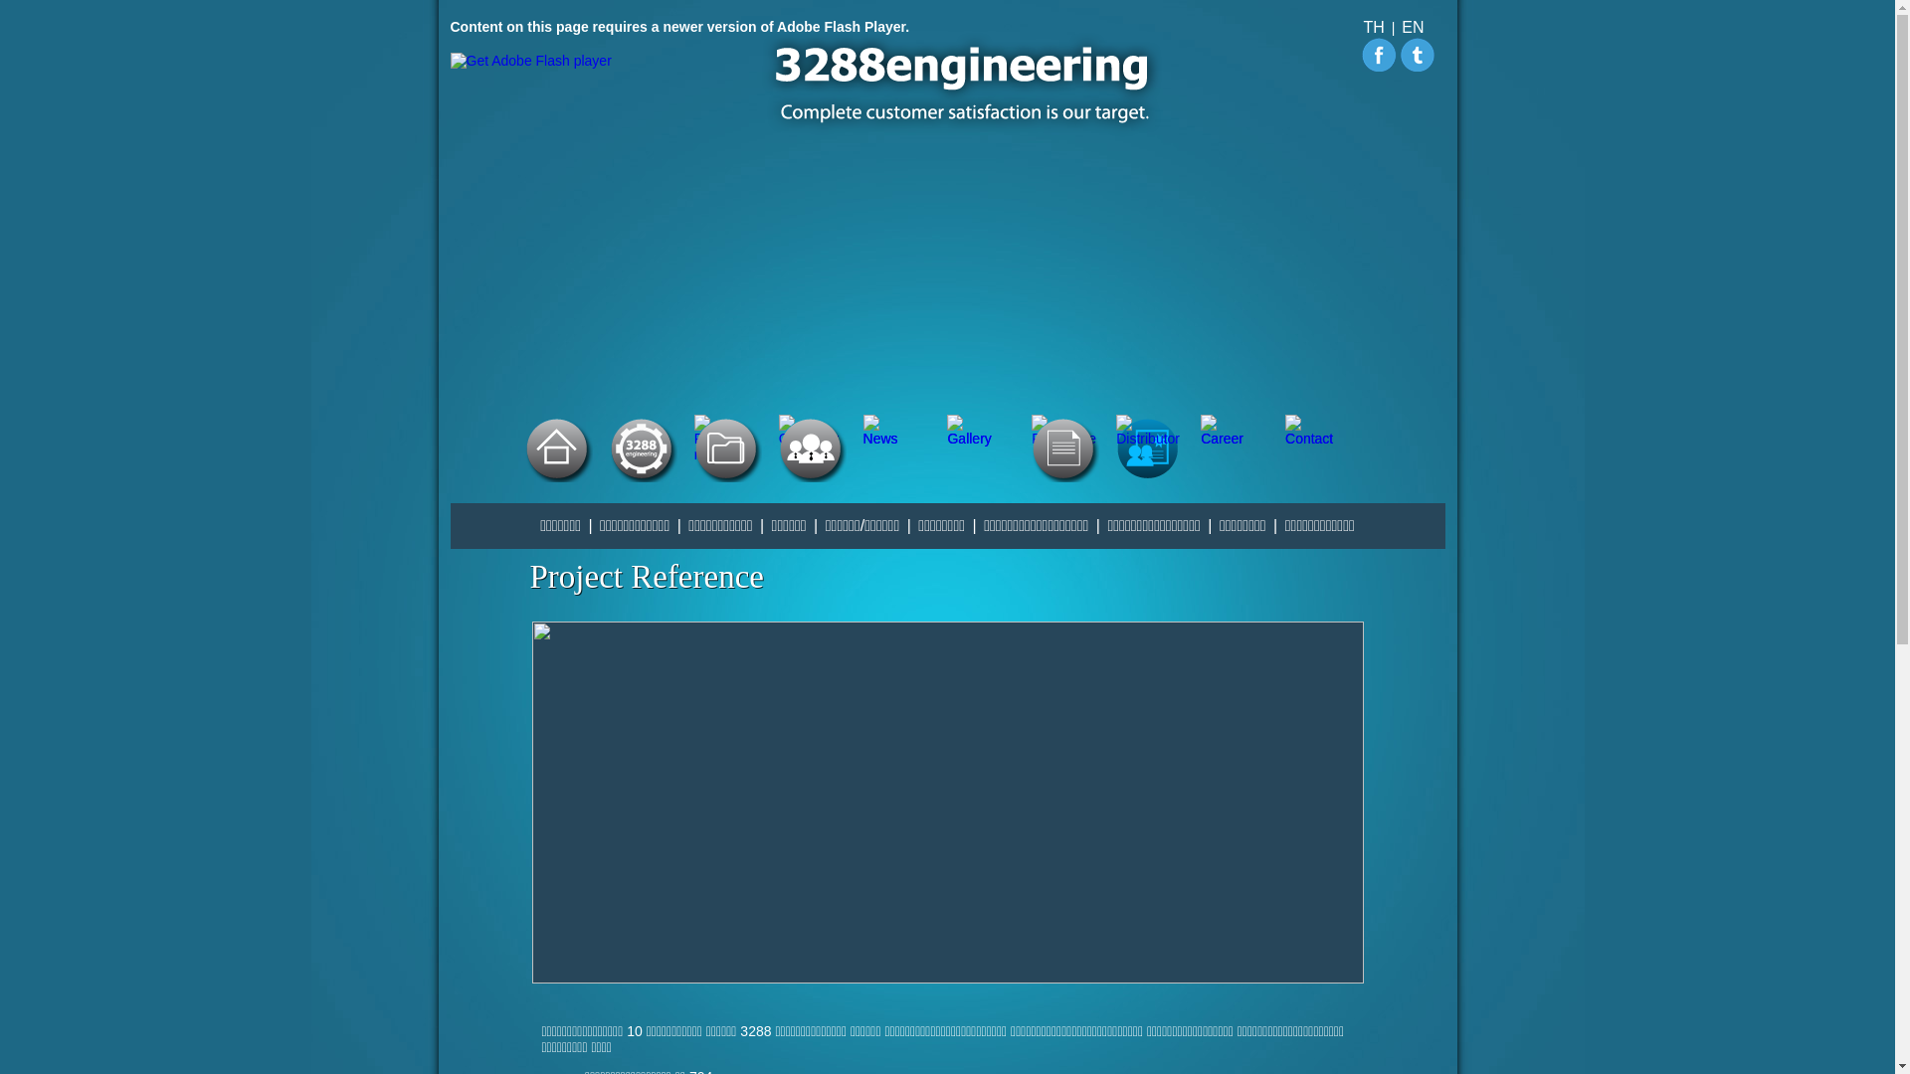  What do you see at coordinates (1412, 27) in the screenshot?
I see `'EN'` at bounding box center [1412, 27].